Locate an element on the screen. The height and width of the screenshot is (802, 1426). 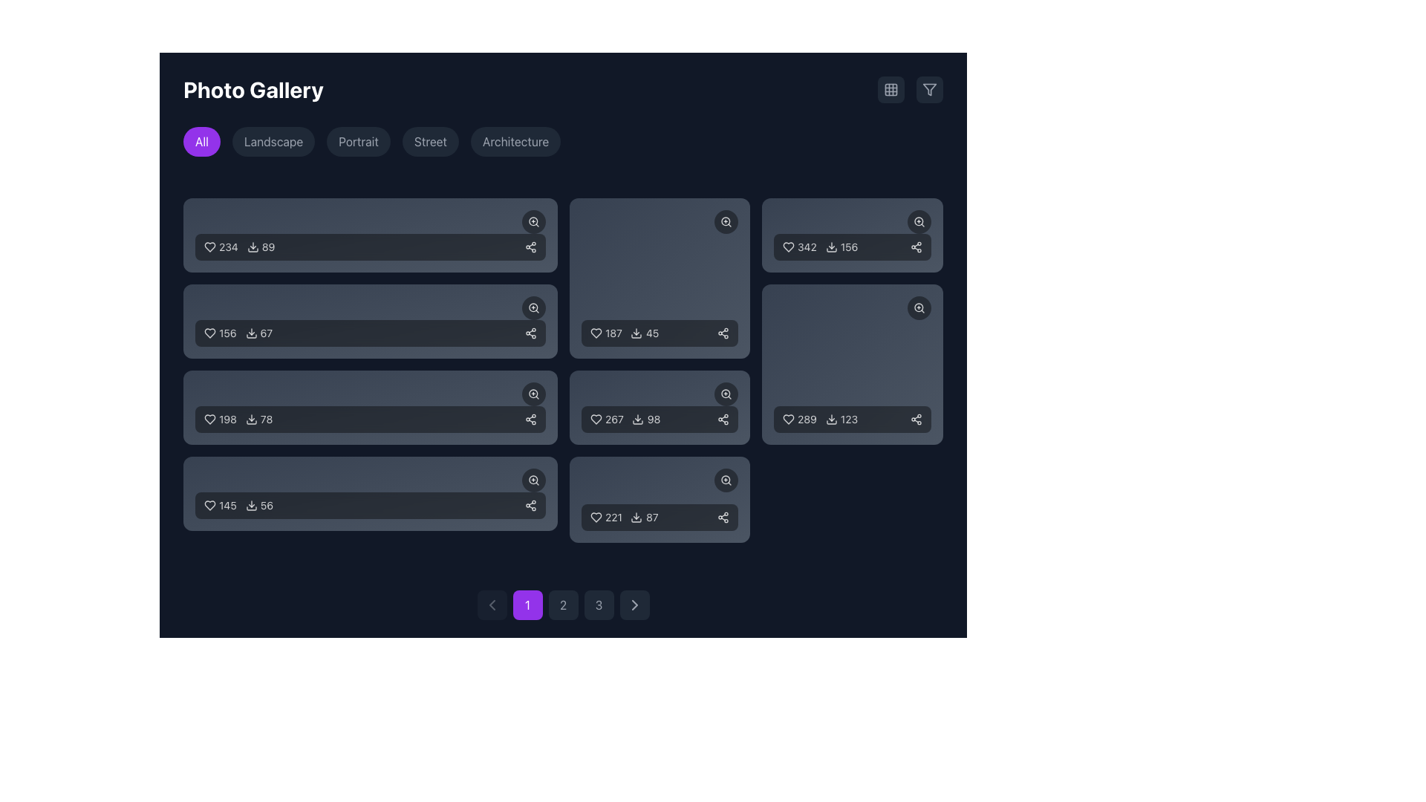
the Interactive Label with Icon that features a download symbol and the text '45', positioned to the right of the heart icon with '187' is located at coordinates (645, 332).